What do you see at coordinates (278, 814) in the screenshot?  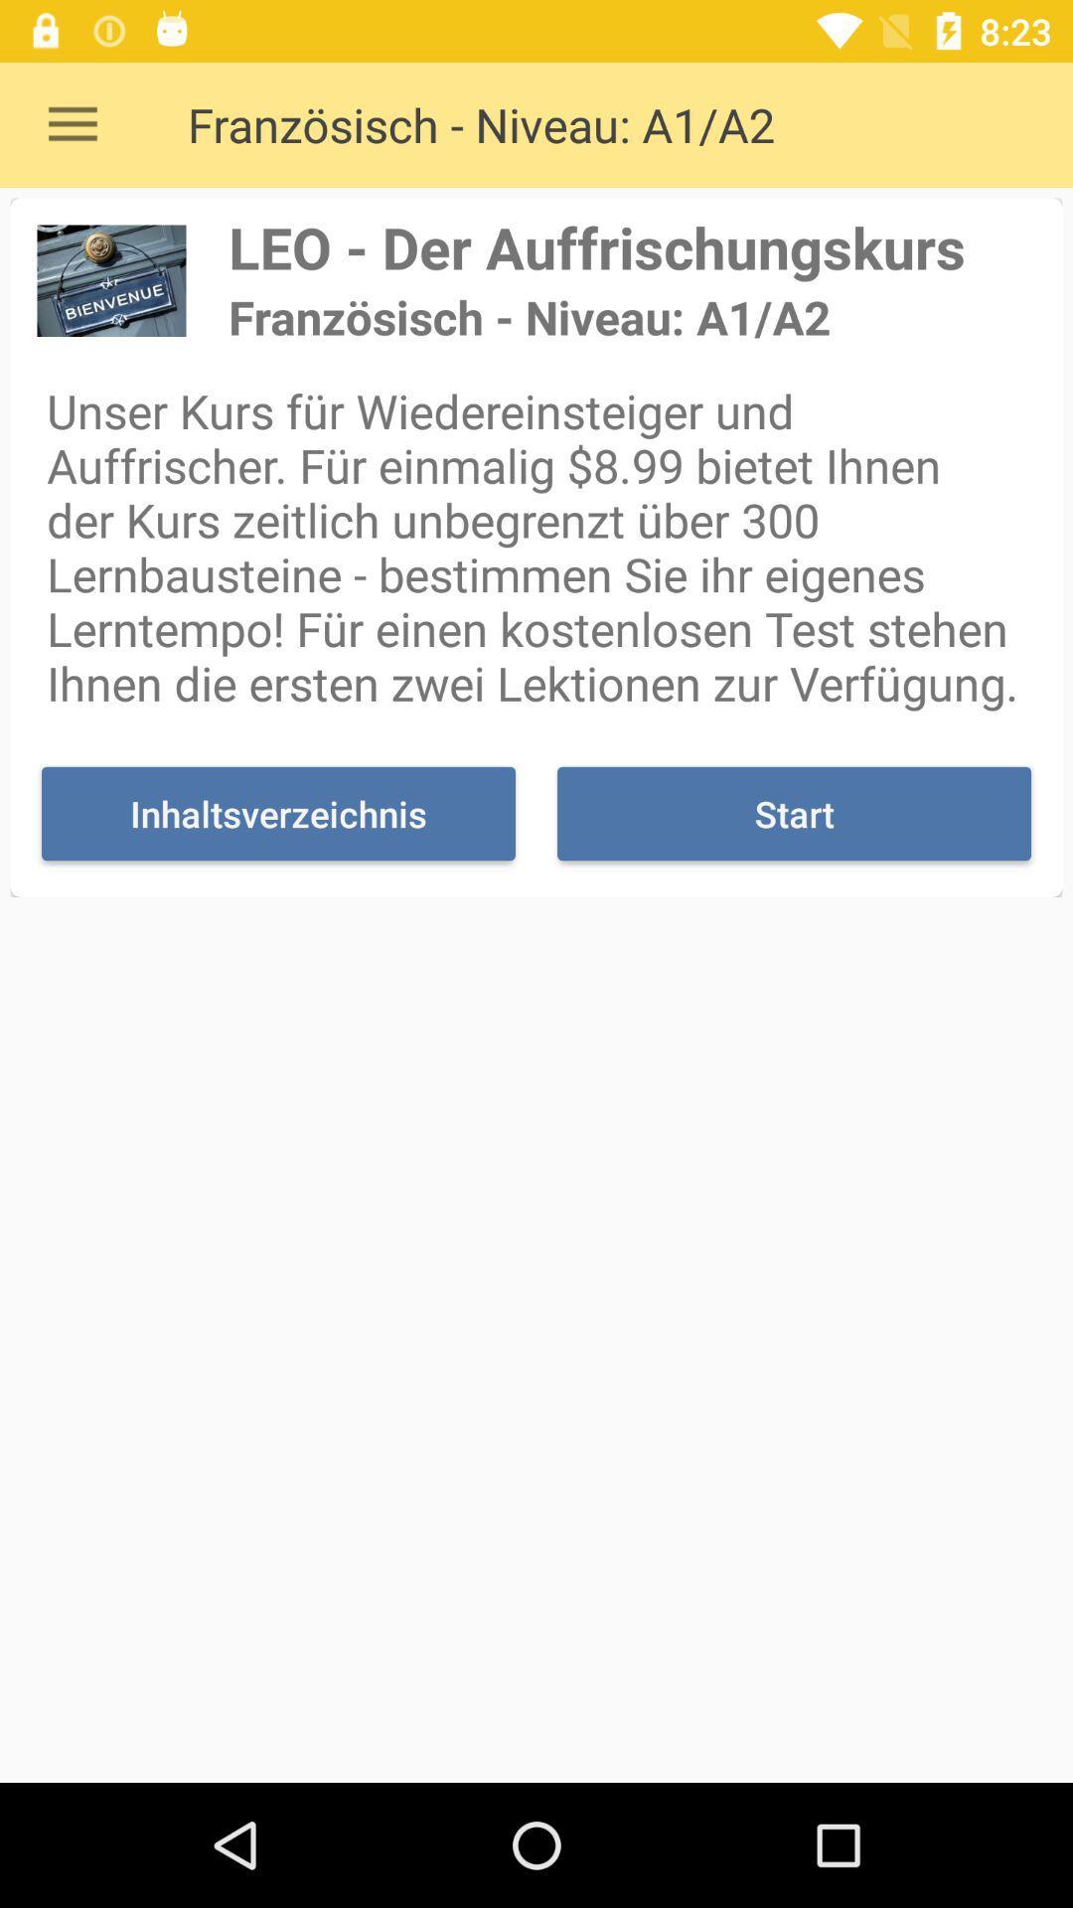 I see `the item next to the start item` at bounding box center [278, 814].